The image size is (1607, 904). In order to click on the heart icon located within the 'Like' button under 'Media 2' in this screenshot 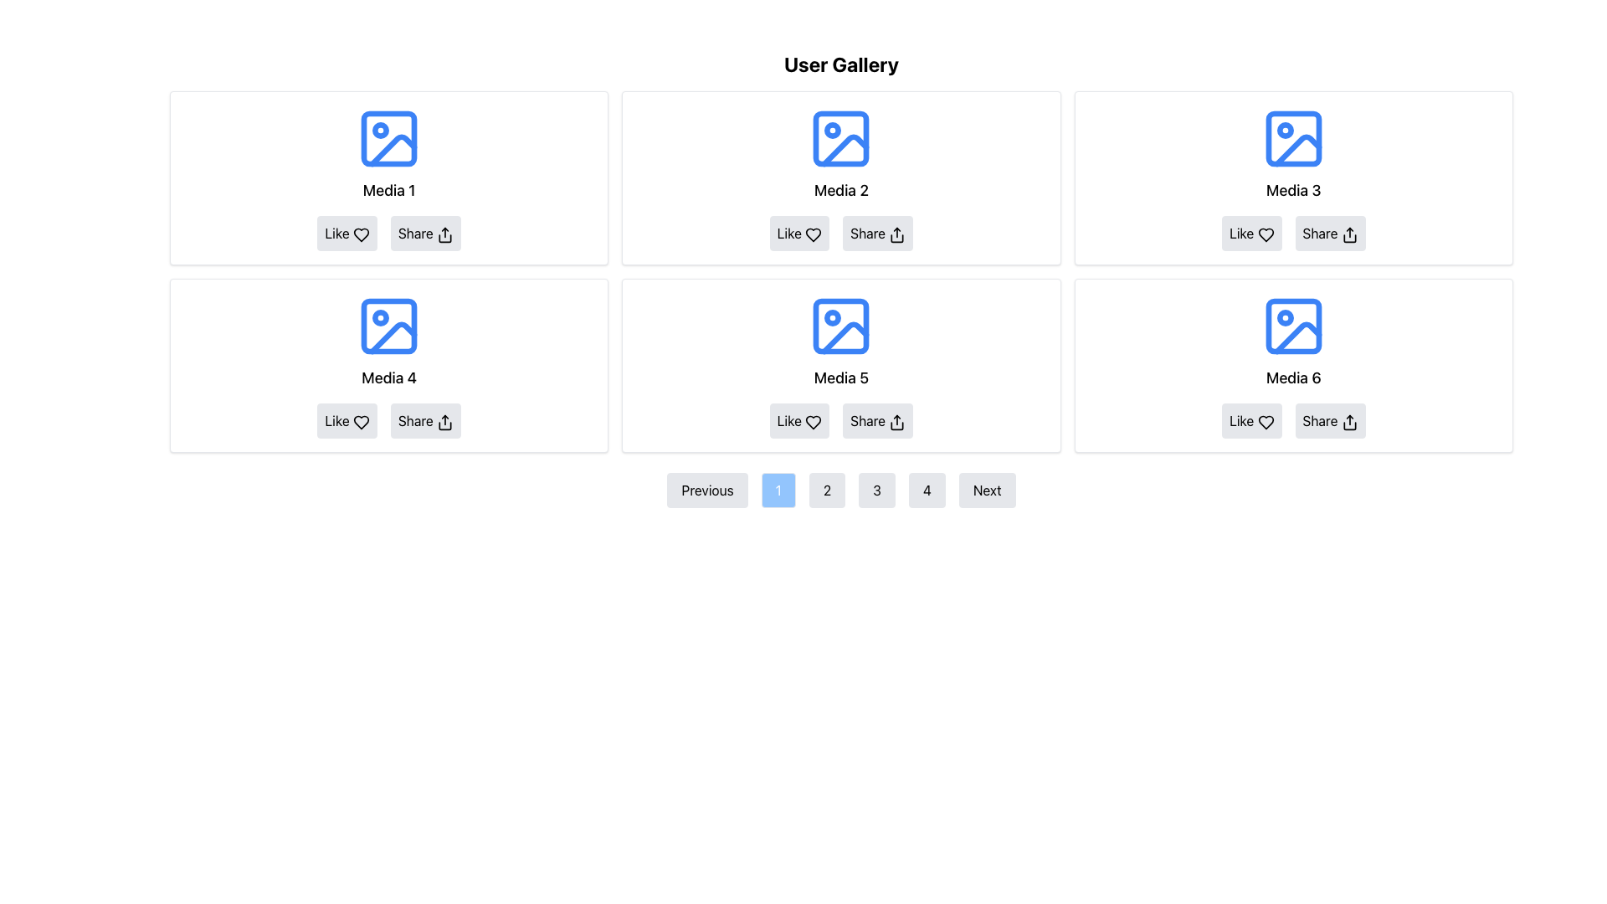, I will do `click(814, 234)`.